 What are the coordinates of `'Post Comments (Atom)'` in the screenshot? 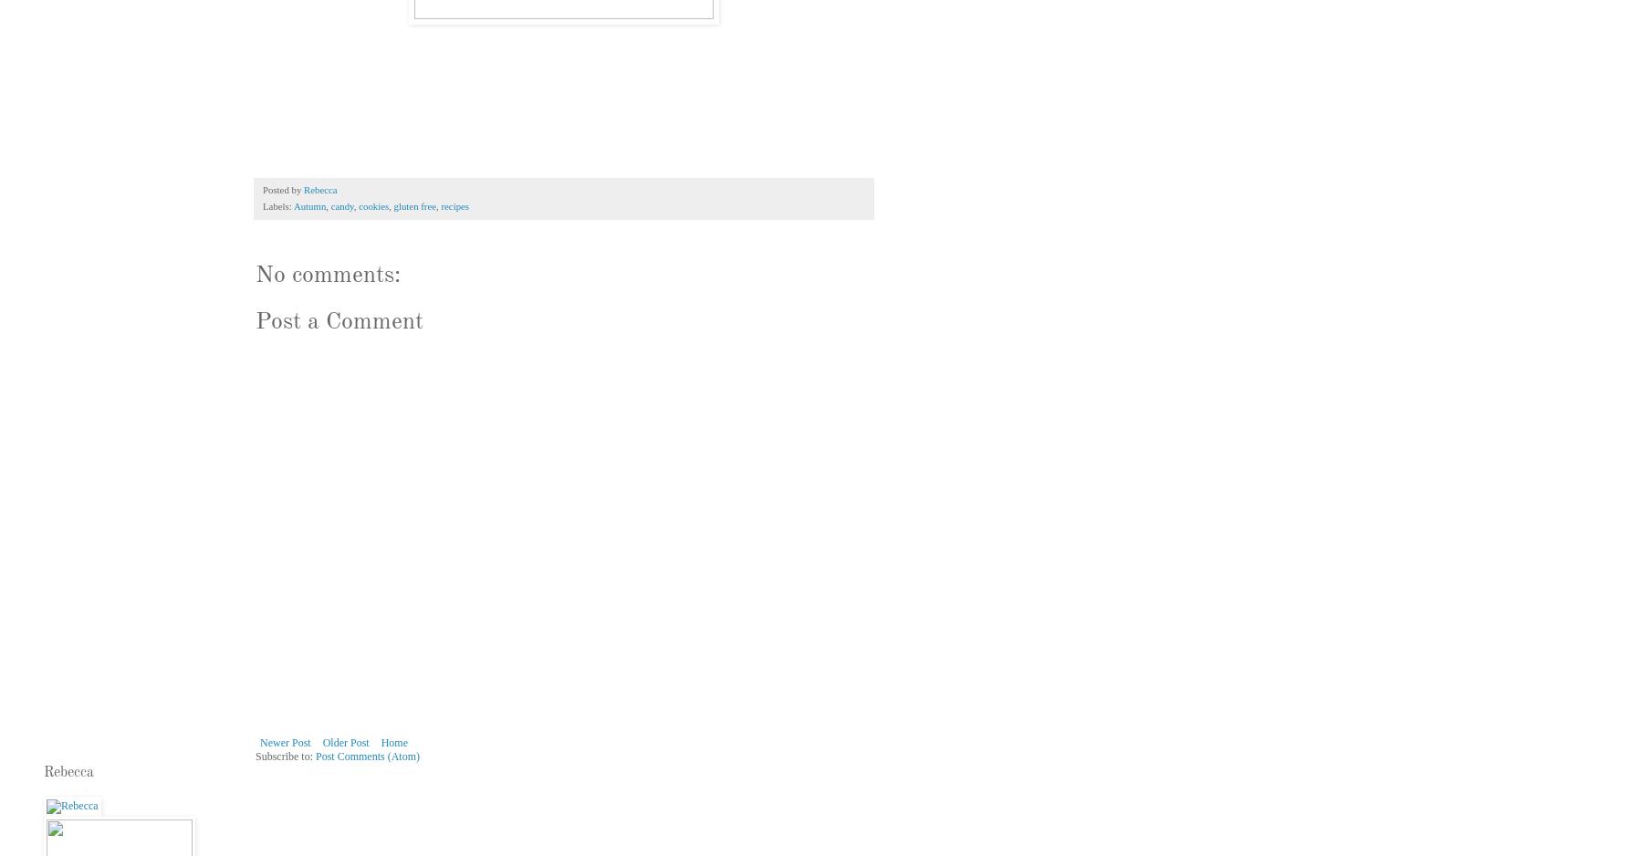 It's located at (367, 757).